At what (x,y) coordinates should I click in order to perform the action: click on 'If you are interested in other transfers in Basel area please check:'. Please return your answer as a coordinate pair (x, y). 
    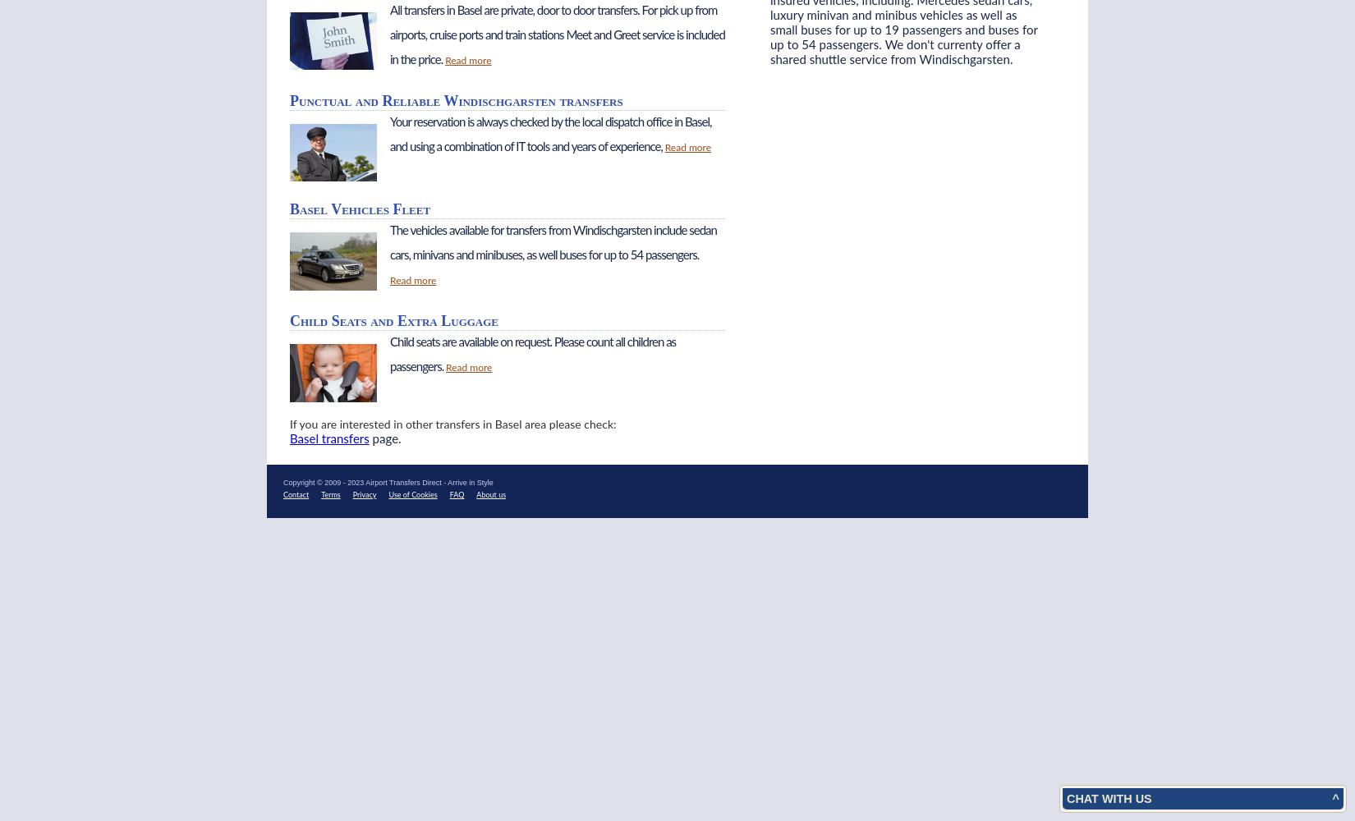
    Looking at the image, I should click on (289, 424).